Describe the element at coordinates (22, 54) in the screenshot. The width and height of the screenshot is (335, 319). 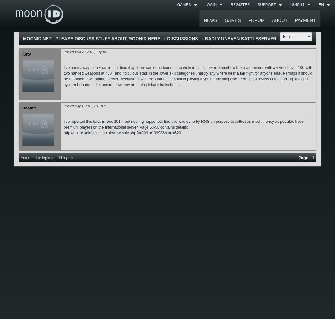
I see `'Kitty'` at that location.